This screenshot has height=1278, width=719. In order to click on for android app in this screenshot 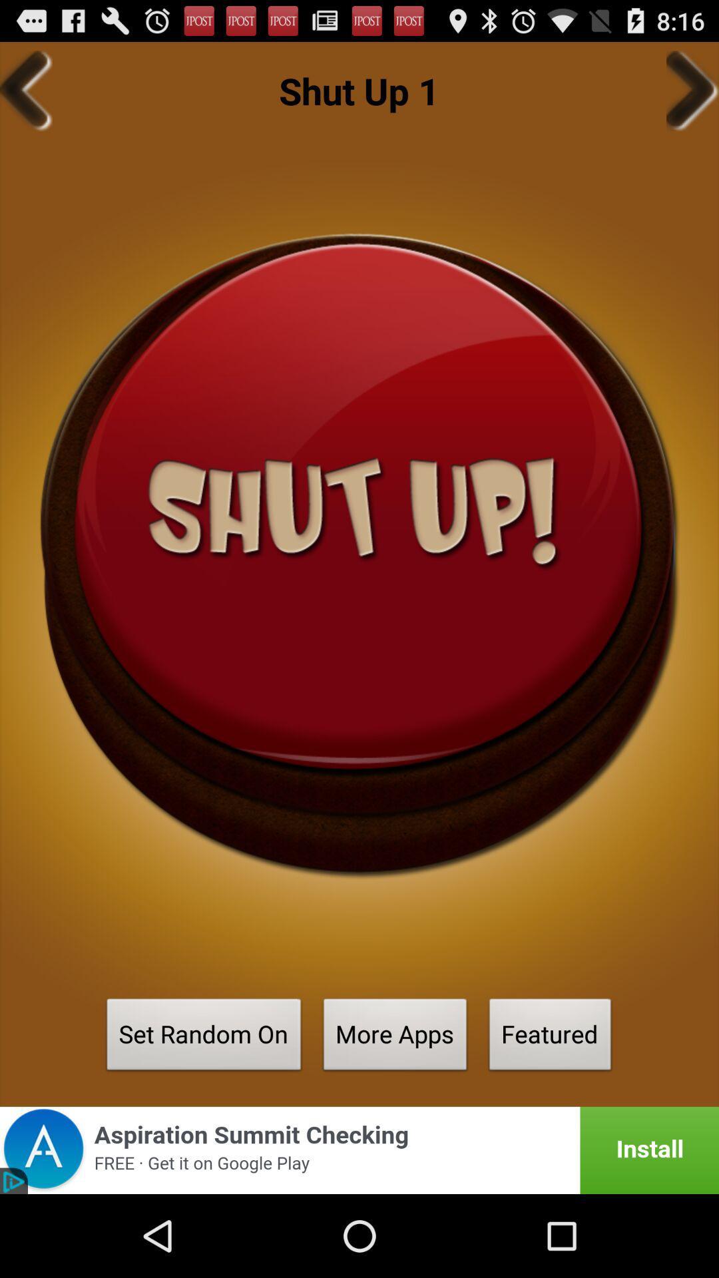, I will do `click(359, 1150)`.